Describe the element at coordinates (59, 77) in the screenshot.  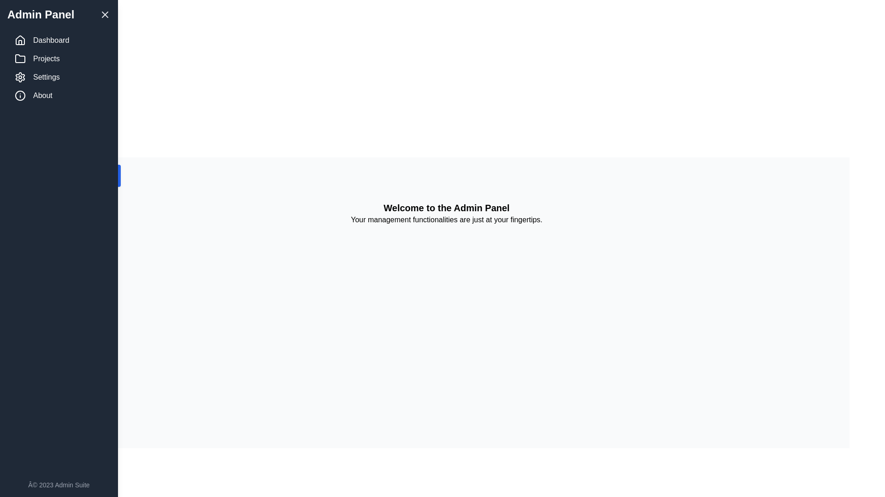
I see `the third item in the sidebar navigation menu, which is the Navigation Link` at that location.